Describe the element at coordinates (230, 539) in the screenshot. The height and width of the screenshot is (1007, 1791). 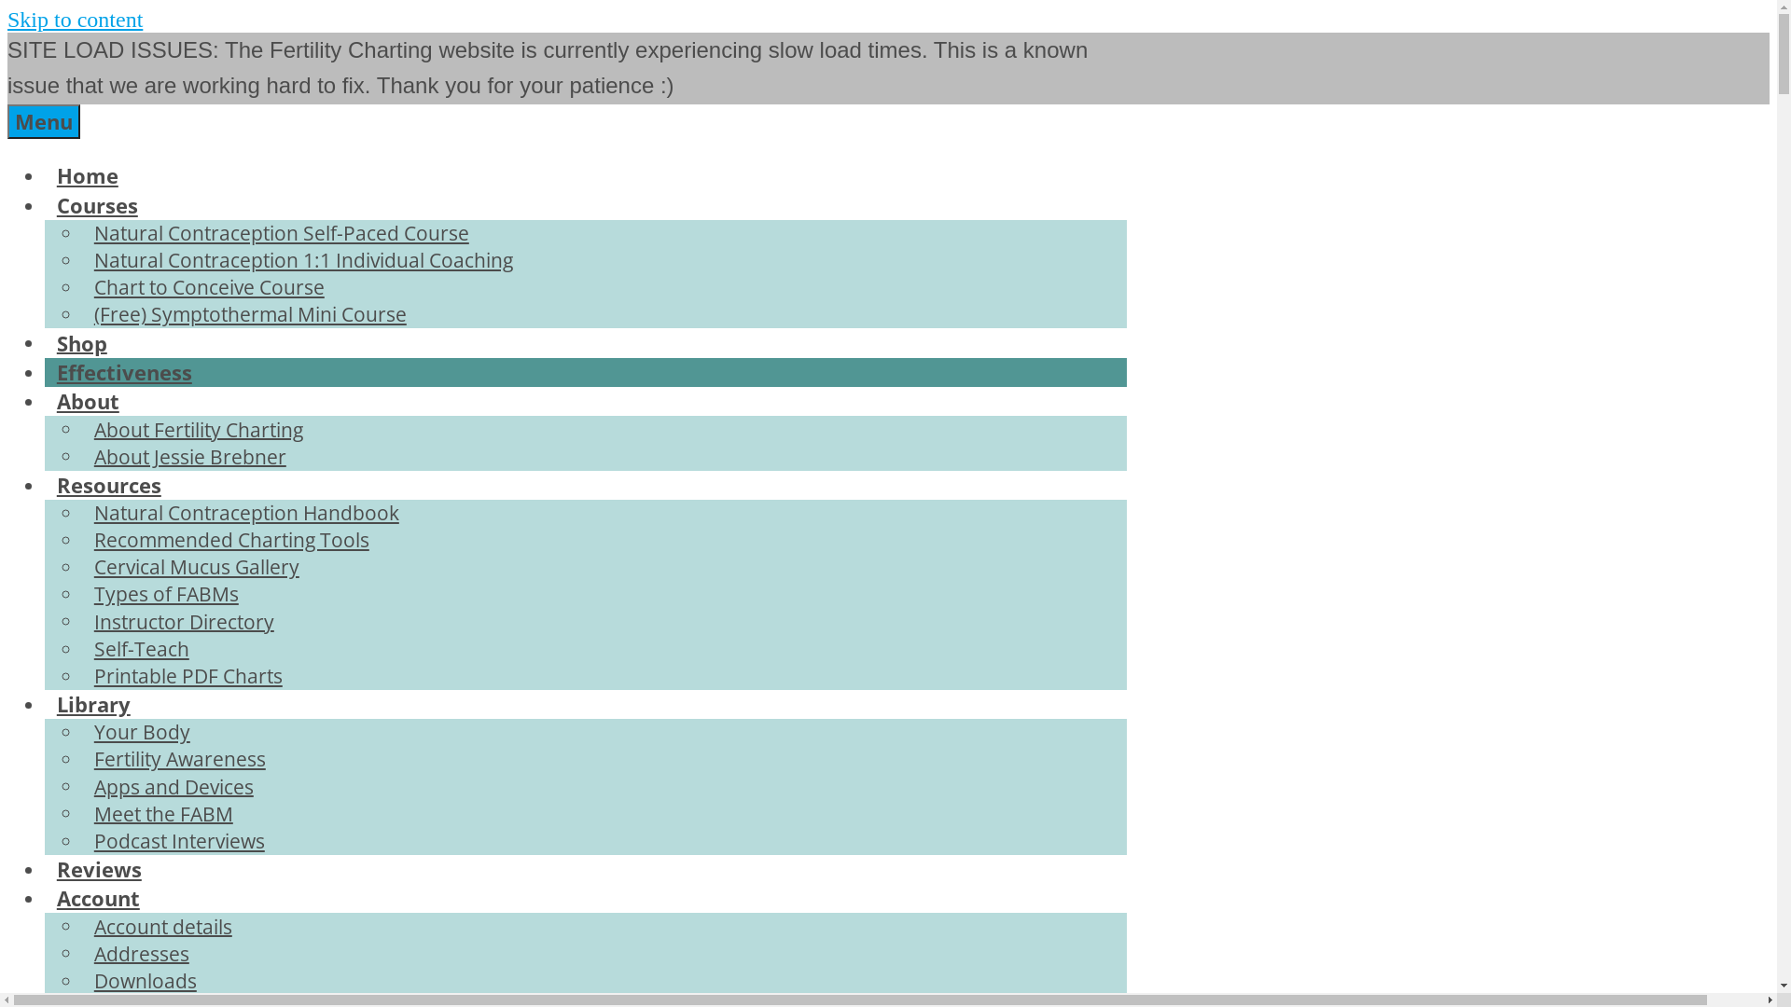
I see `'Recommended Charting Tools'` at that location.